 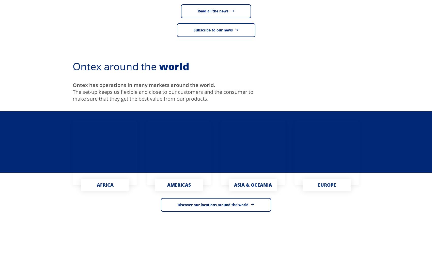 What do you see at coordinates (213, 11) in the screenshot?
I see `'Read all the news'` at bounding box center [213, 11].